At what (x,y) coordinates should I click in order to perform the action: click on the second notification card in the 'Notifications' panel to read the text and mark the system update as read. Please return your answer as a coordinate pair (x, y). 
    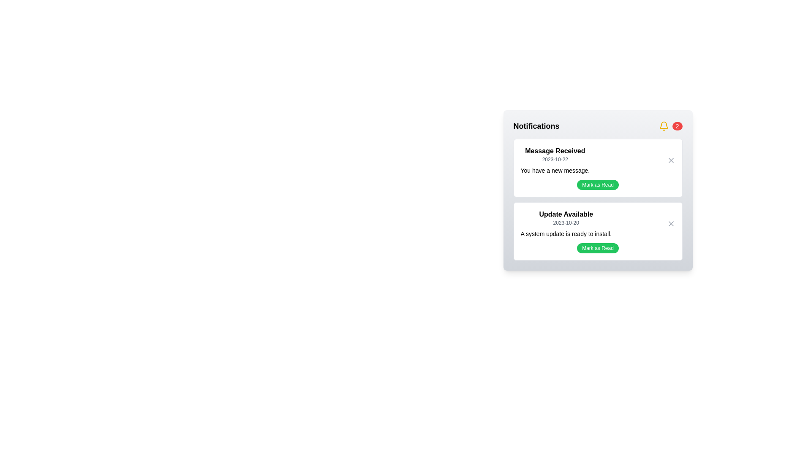
    Looking at the image, I should click on (597, 231).